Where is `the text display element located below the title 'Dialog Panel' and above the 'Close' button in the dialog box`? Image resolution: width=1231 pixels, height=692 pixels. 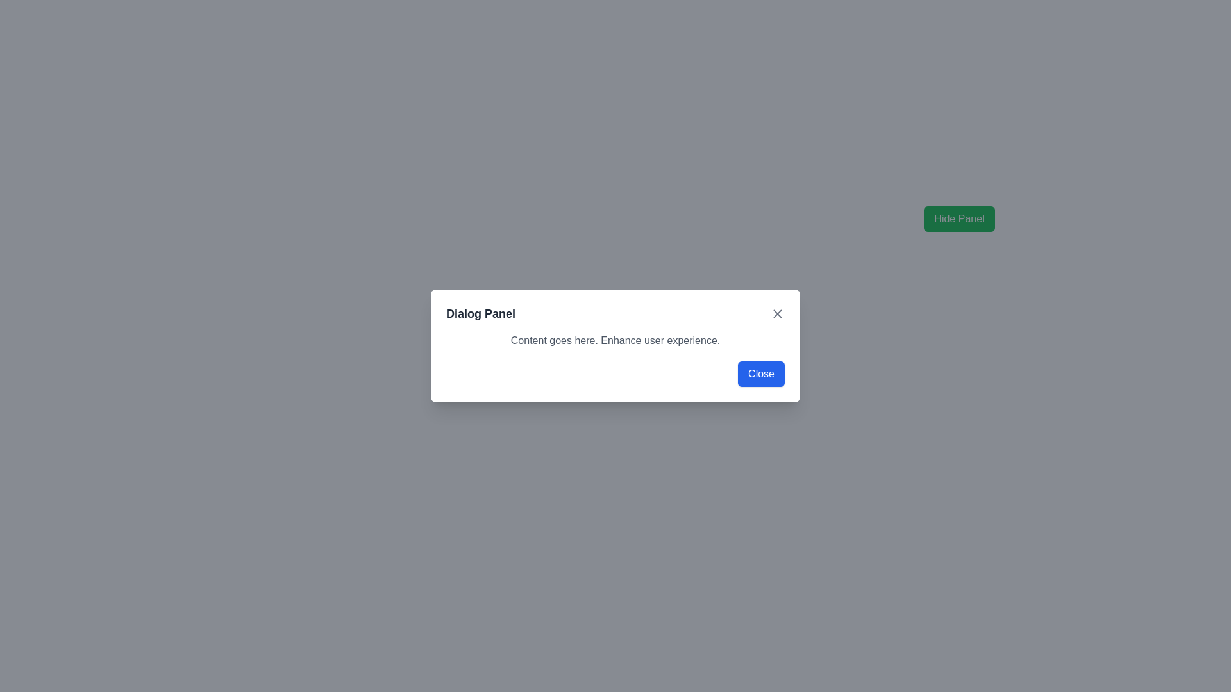
the text display element located below the title 'Dialog Panel' and above the 'Close' button in the dialog box is located at coordinates (615, 340).